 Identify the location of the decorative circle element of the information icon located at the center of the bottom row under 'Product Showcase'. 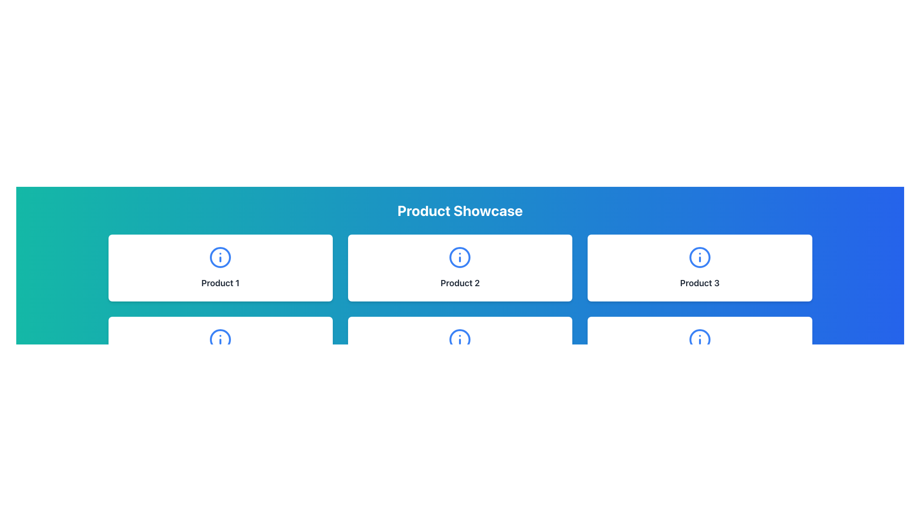
(699, 339).